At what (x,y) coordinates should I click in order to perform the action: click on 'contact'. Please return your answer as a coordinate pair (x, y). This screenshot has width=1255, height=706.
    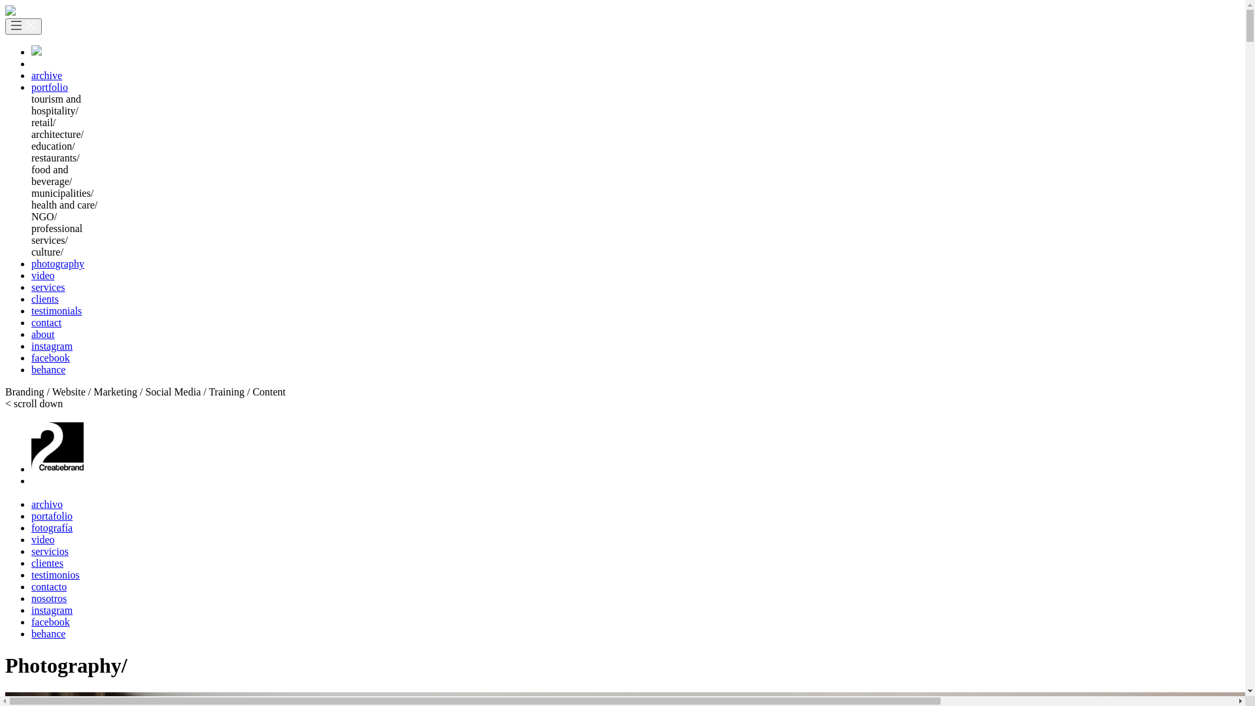
    Looking at the image, I should click on (46, 322).